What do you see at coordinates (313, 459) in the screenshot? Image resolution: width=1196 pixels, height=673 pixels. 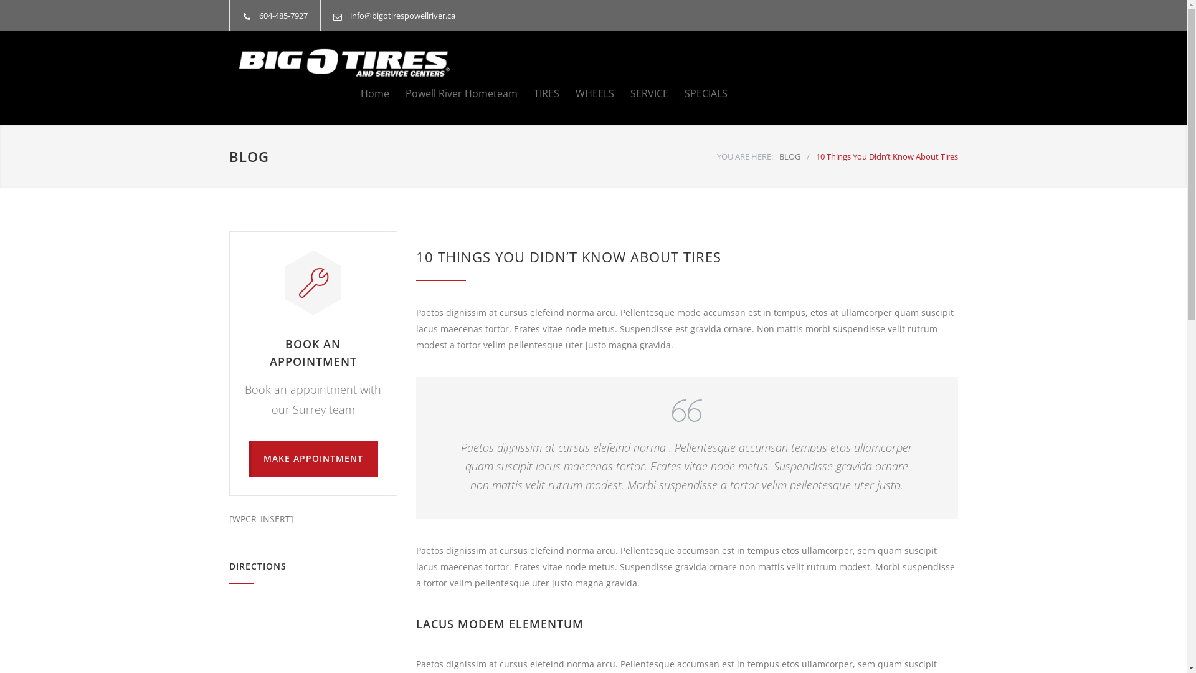 I see `'MAKE APPOINTMENT'` at bounding box center [313, 459].